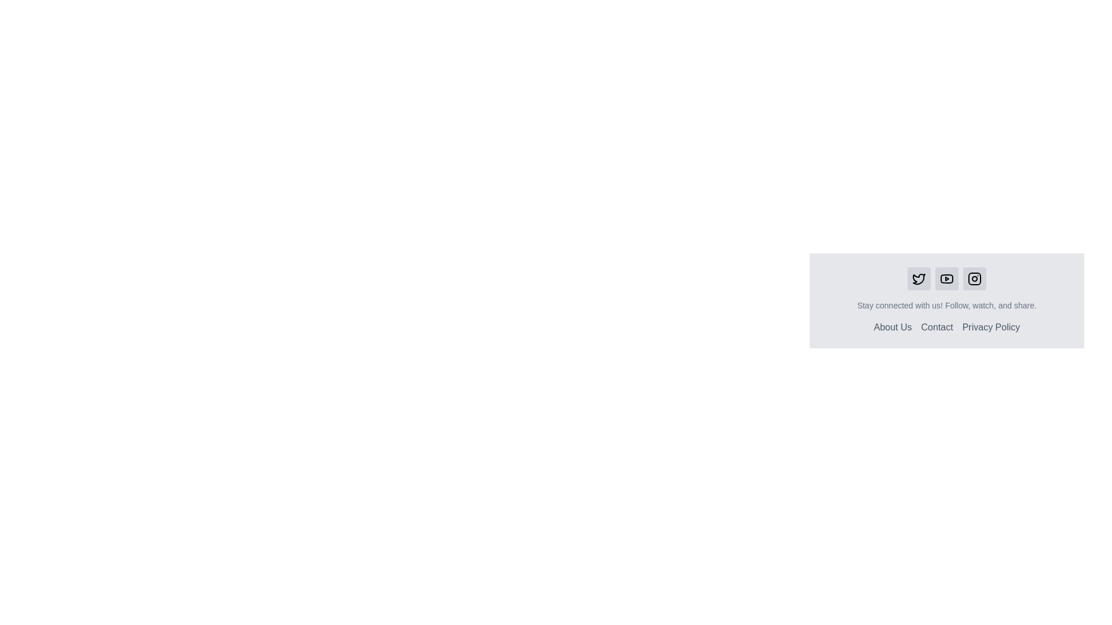 The image size is (1112, 625). Describe the element at coordinates (990, 328) in the screenshot. I see `the 'Privacy Policy' hyperlink` at that location.